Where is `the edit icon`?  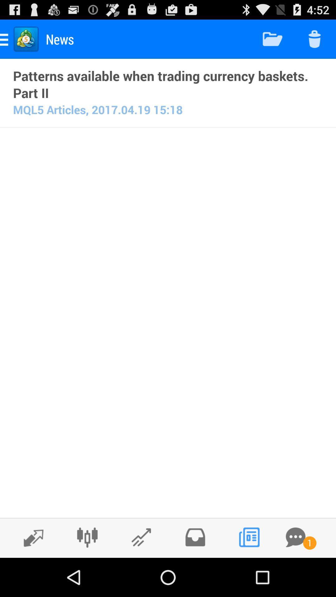
the edit icon is located at coordinates (141, 575).